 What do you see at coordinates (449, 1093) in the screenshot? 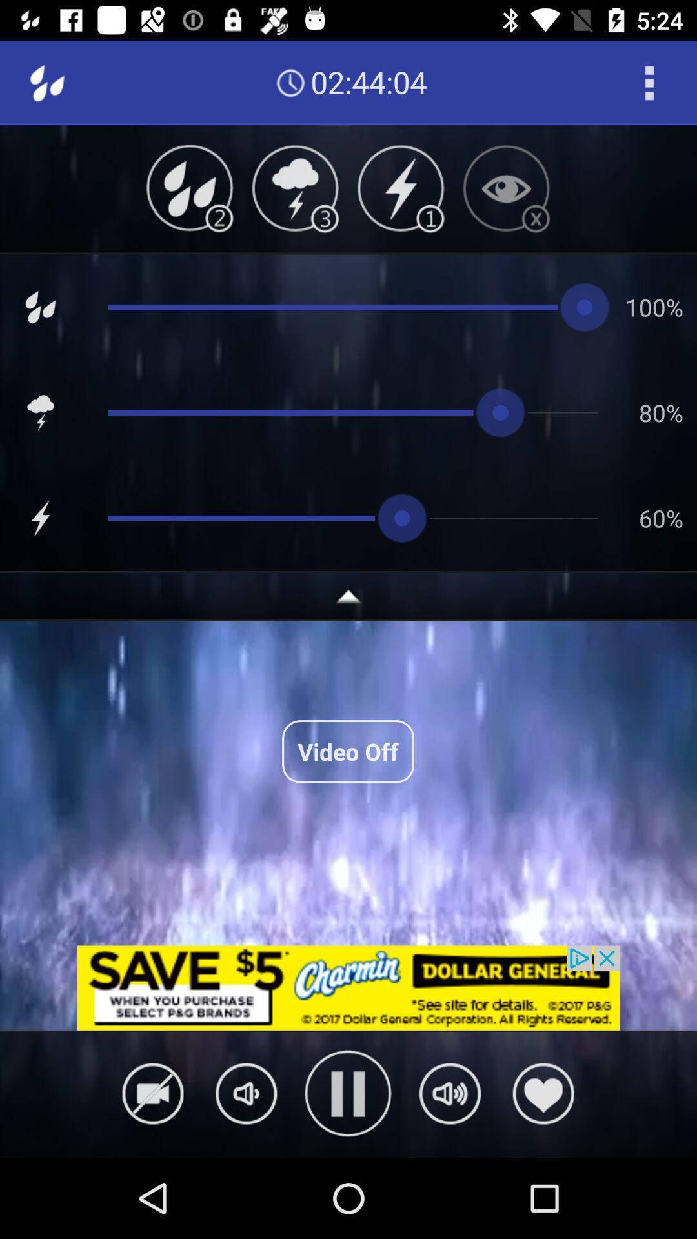
I see `the chat icon` at bounding box center [449, 1093].